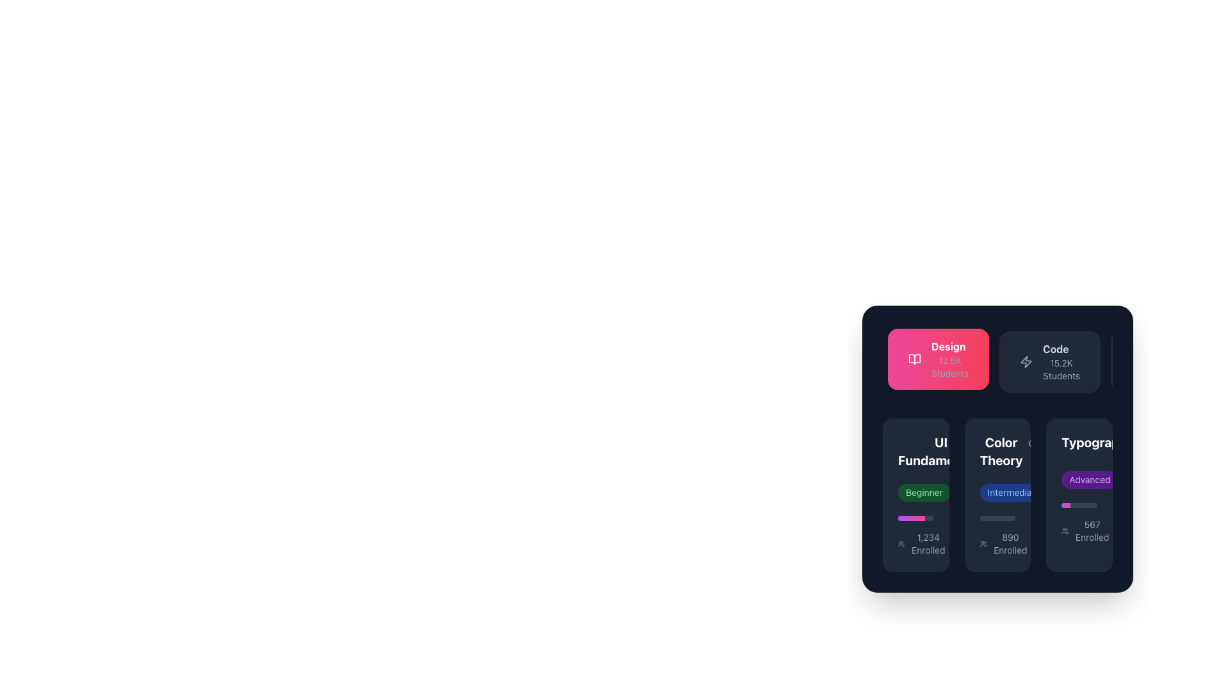  I want to click on the heart icon to favorite the 'Color Theory' module, which is located over the module description in the center of the educational content interface, so click(995, 444).